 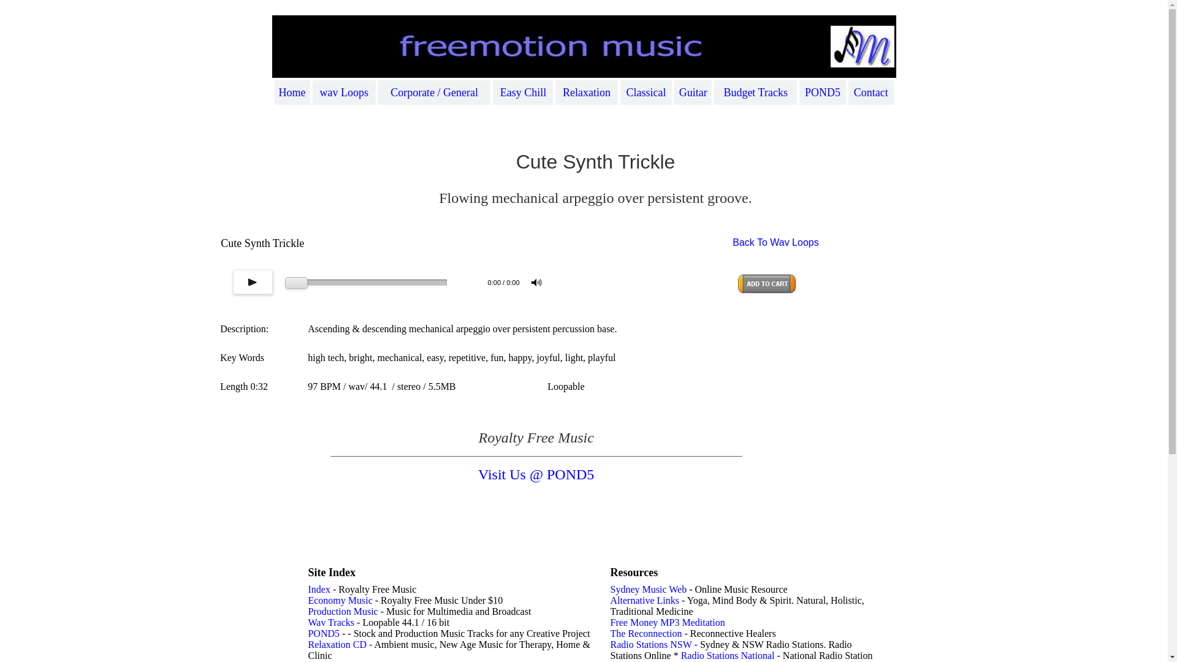 What do you see at coordinates (284, 283) in the screenshot?
I see `'scrub timeline'` at bounding box center [284, 283].